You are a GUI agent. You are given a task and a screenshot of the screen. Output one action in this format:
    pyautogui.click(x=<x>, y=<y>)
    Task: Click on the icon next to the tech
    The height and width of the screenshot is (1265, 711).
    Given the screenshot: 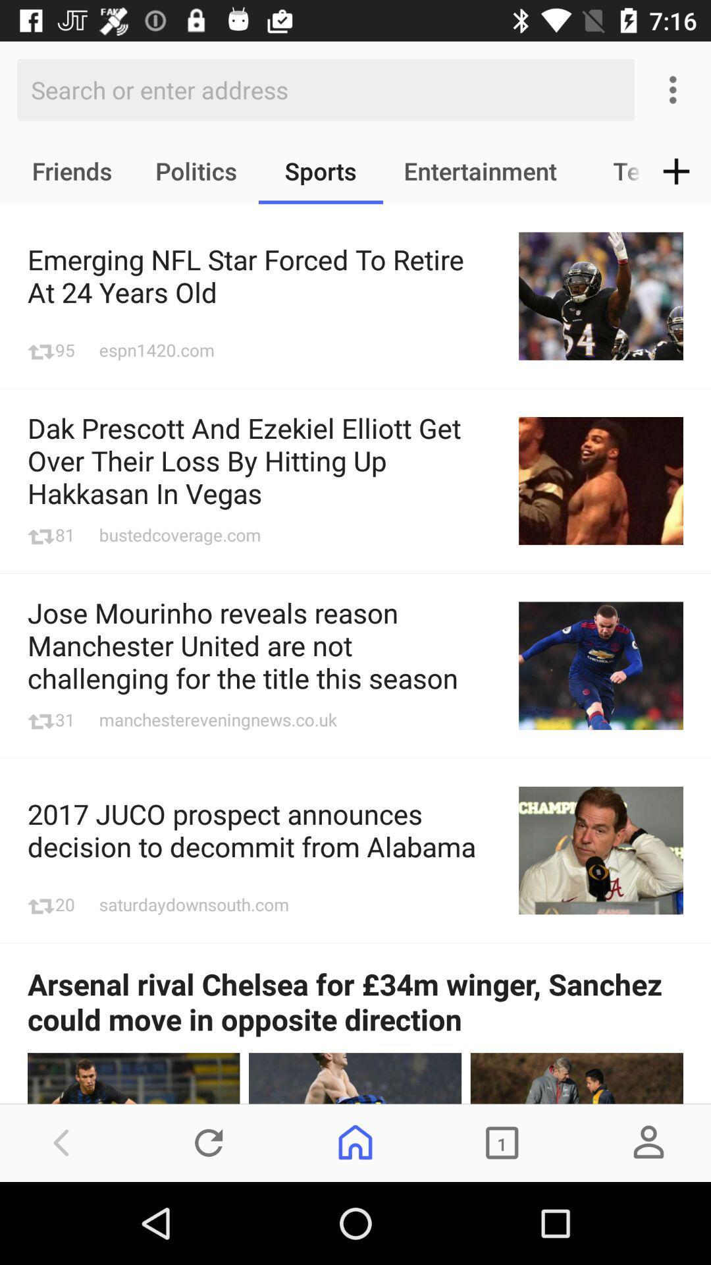 What is the action you would take?
    pyautogui.click(x=676, y=170)
    